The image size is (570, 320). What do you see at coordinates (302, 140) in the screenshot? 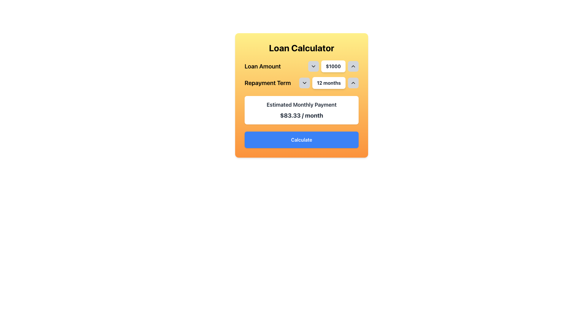
I see `the 'Calculate' button, a blue rectangular button with rounded corners, to change its color` at bounding box center [302, 140].